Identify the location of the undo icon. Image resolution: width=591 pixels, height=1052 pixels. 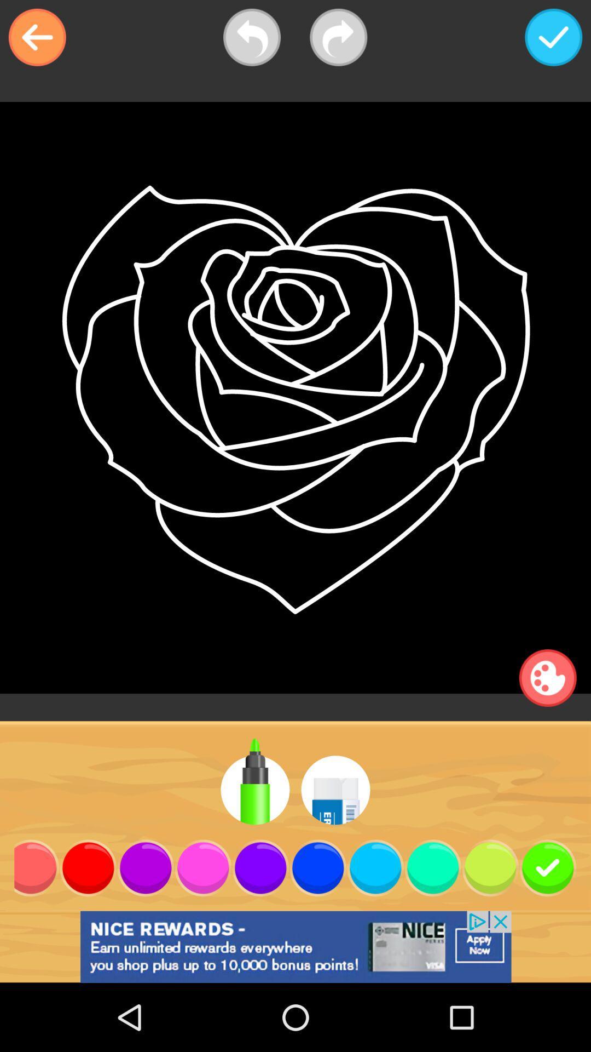
(252, 37).